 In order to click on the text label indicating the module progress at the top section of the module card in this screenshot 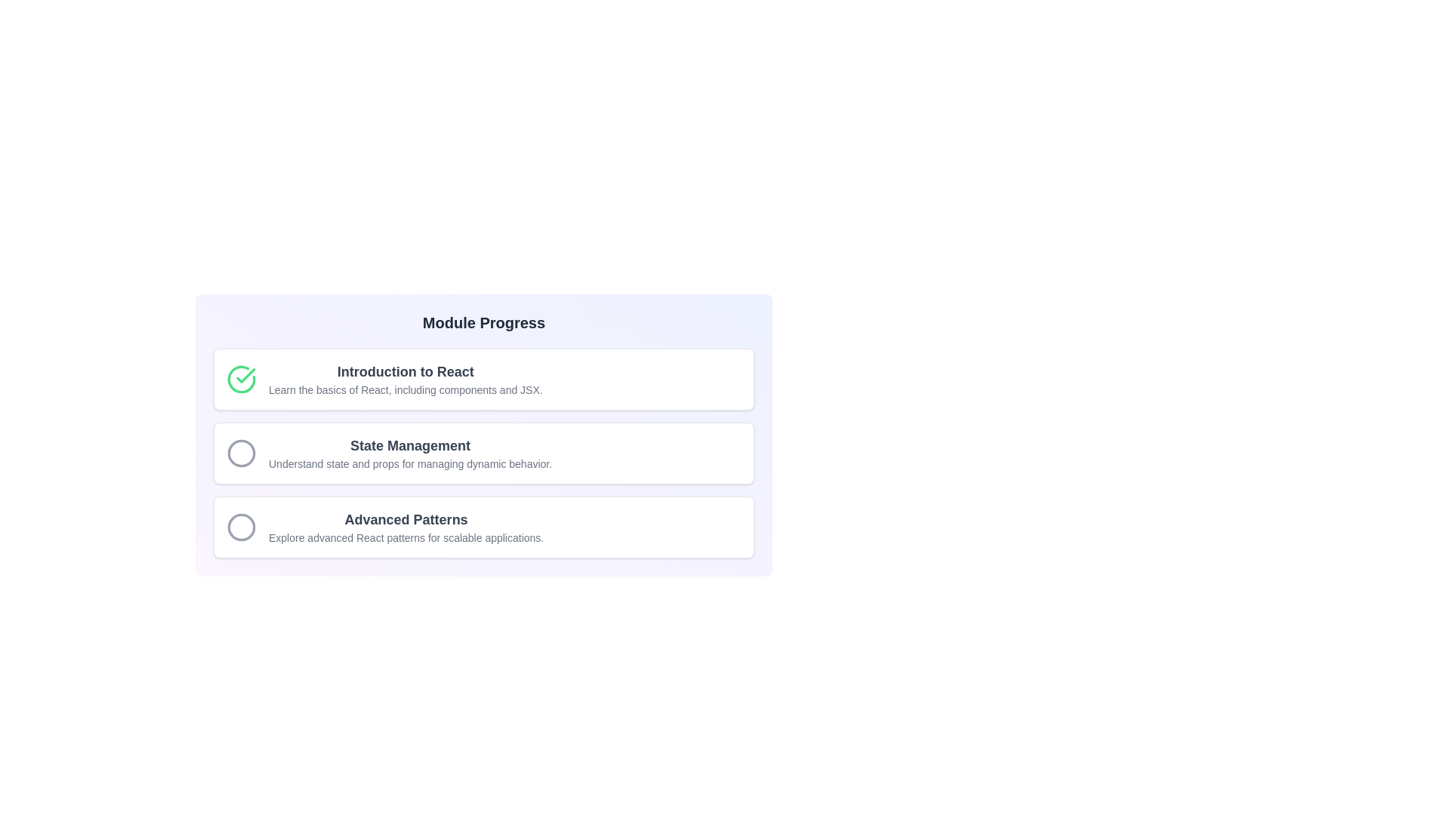, I will do `click(484, 322)`.